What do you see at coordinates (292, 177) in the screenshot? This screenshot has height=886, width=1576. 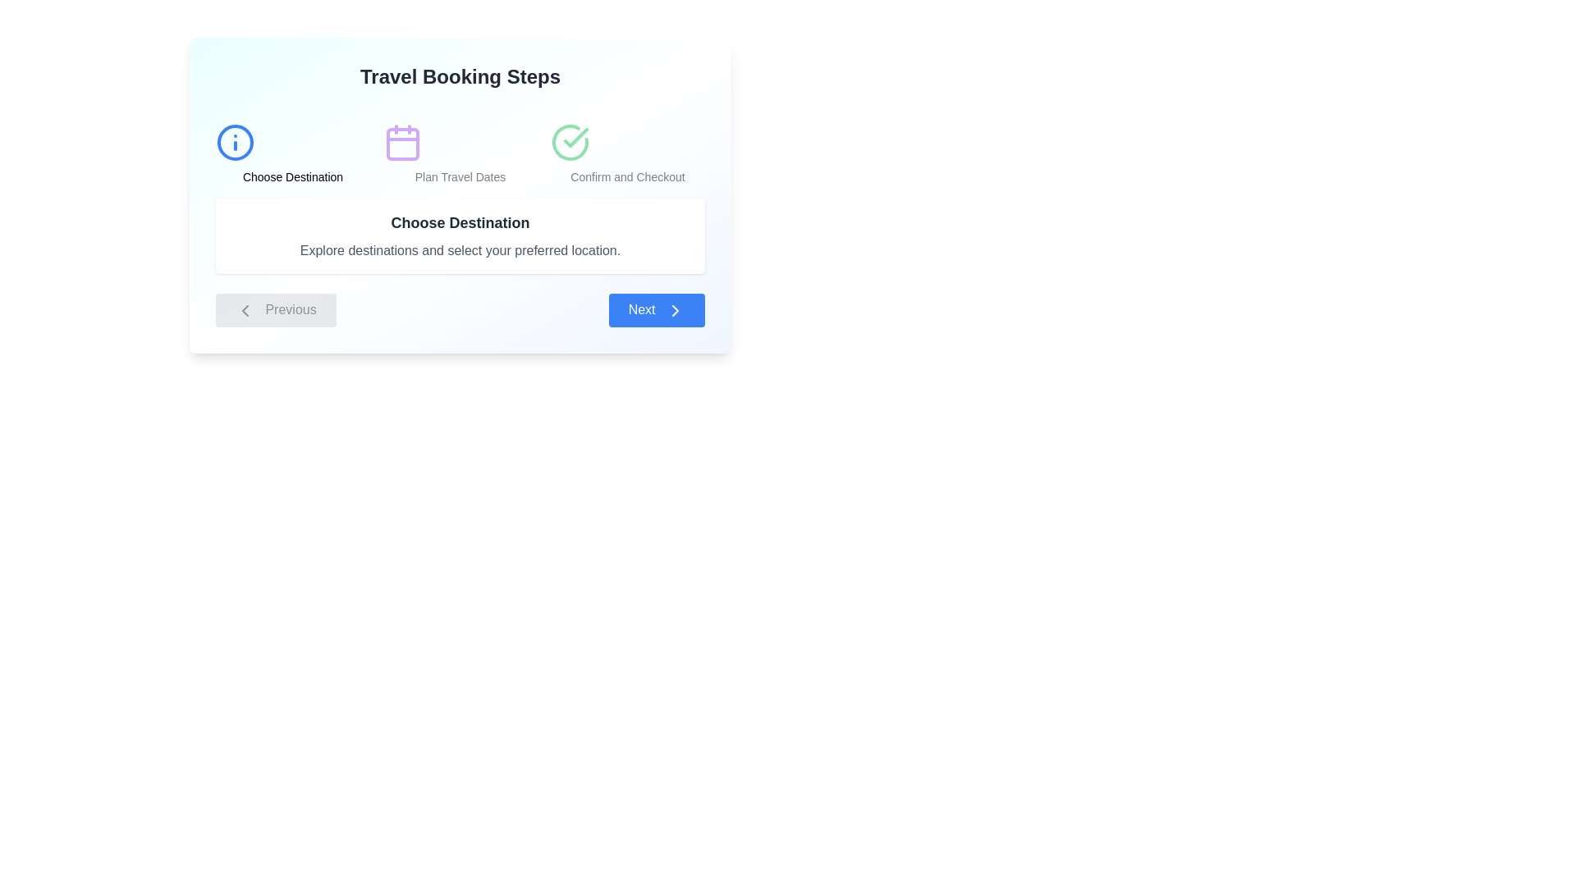 I see `the text label reading 'Choose Destination' to trigger potential tooltip or highlight effects` at bounding box center [292, 177].